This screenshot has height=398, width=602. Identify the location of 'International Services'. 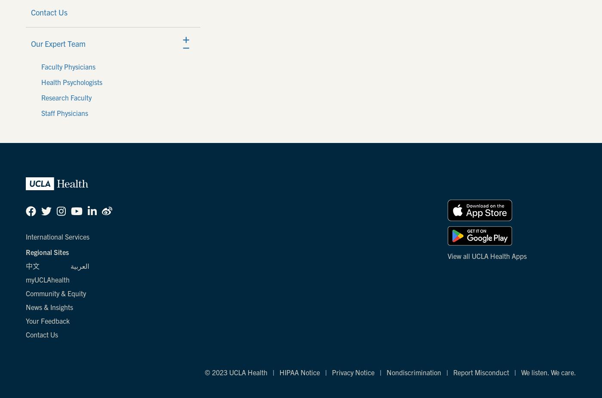
(57, 237).